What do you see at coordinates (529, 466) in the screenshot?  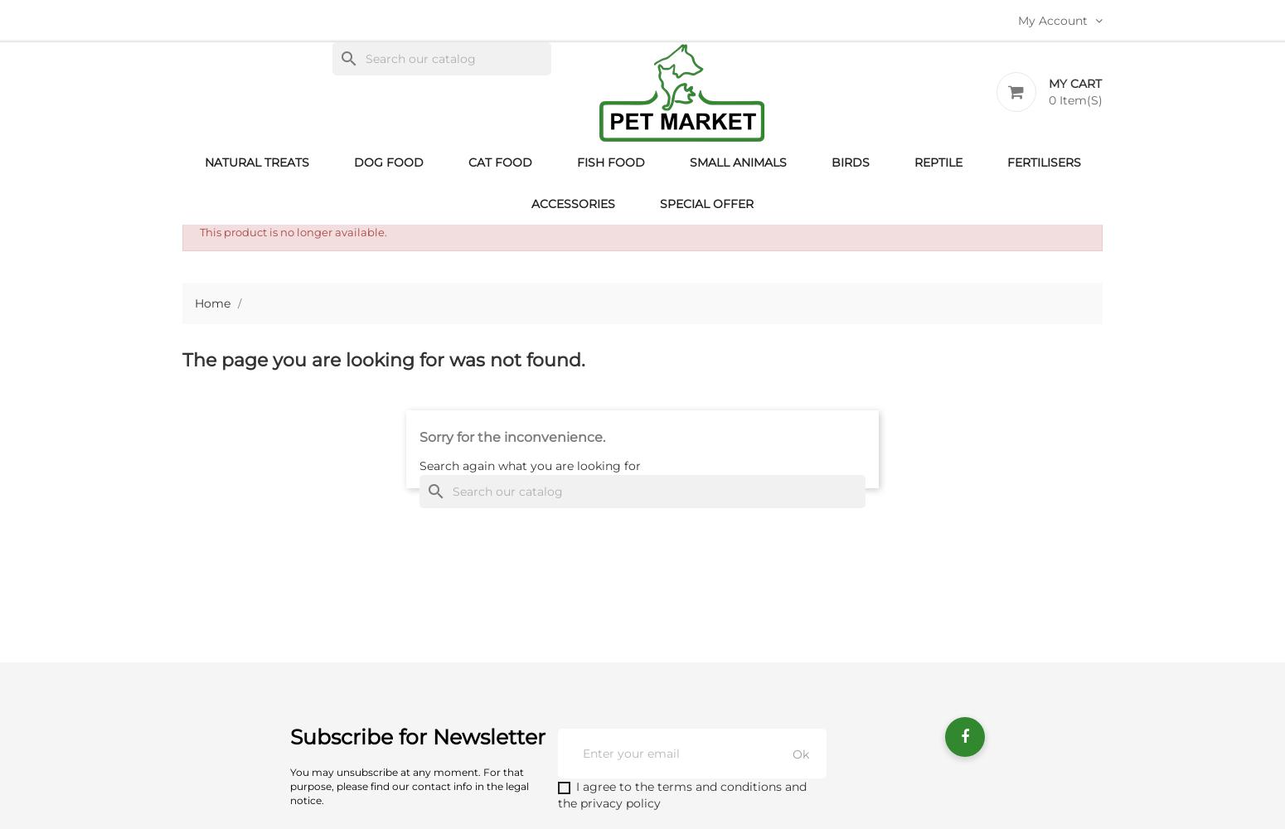 I see `'Search again what you are looking for'` at bounding box center [529, 466].